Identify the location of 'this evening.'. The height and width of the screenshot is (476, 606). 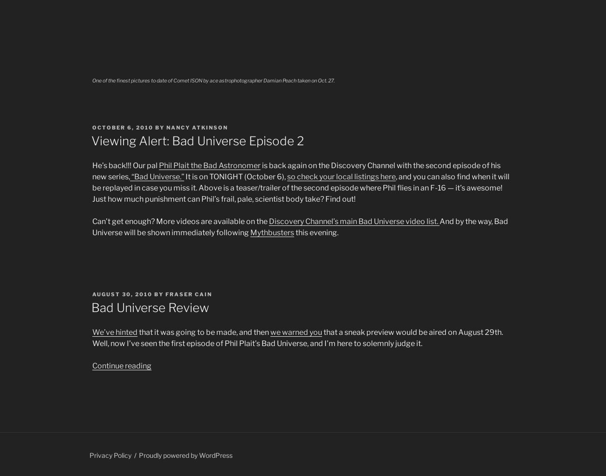
(316, 232).